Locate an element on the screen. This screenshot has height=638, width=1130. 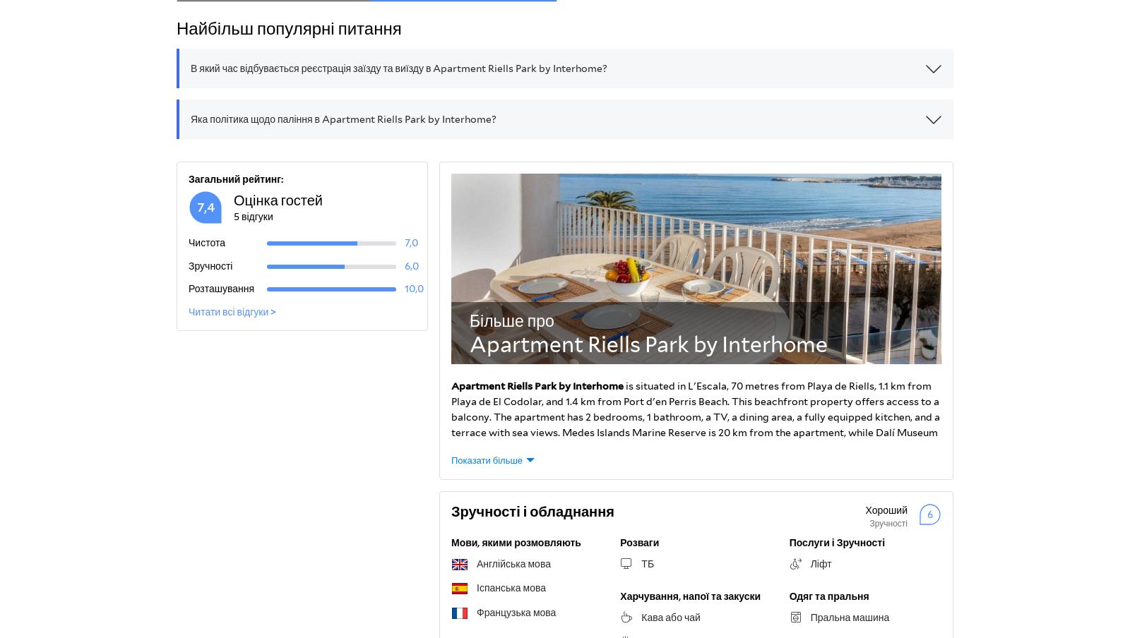
'6' is located at coordinates (926, 512).